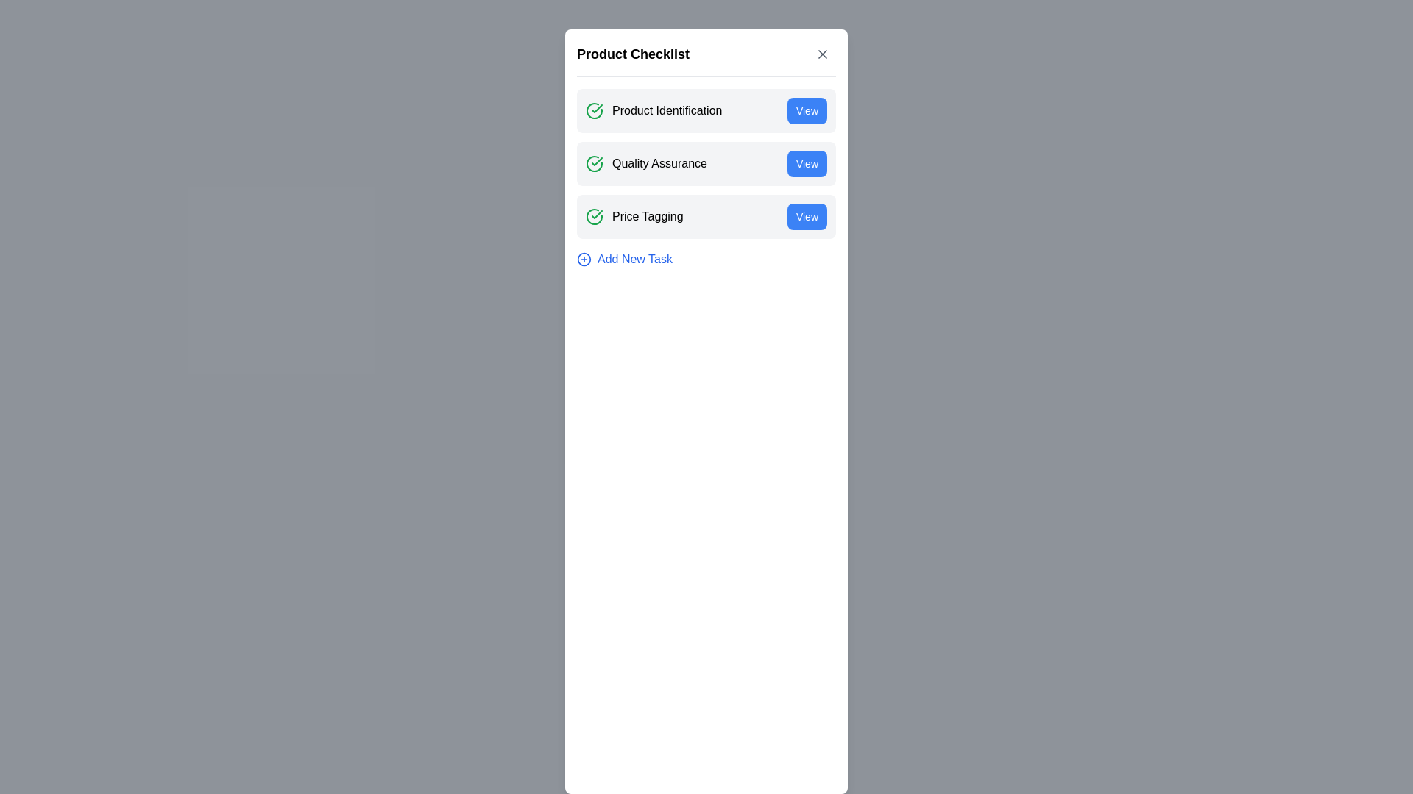 The height and width of the screenshot is (794, 1413). I want to click on the task addition icon located to the left of the 'Add New Task' text in the lower portion of the checklist interface, so click(583, 259).